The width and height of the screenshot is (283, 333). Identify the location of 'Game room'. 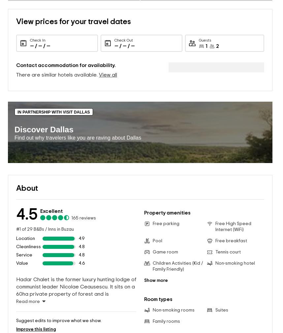
(165, 242).